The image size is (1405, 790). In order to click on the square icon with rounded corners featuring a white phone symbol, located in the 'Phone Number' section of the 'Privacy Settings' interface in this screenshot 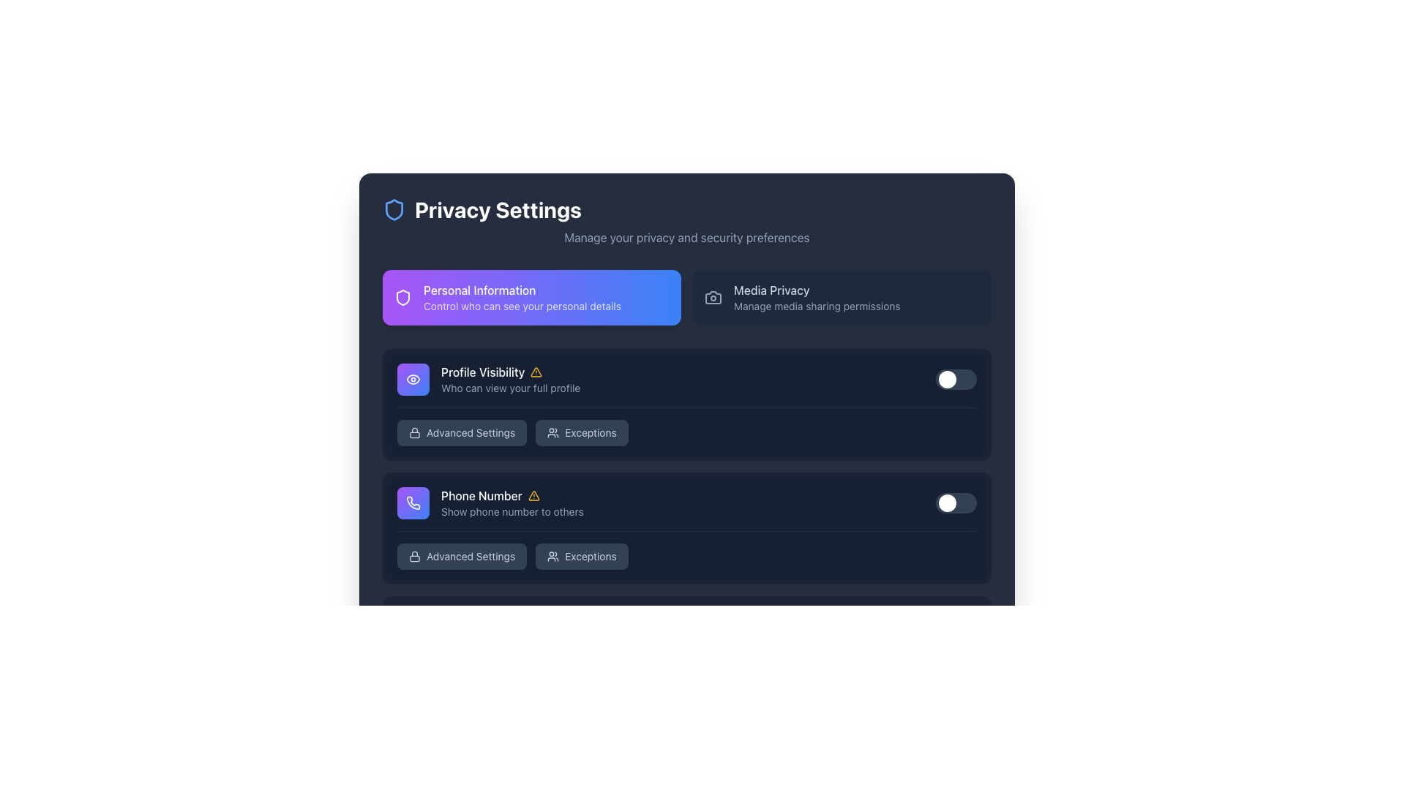, I will do `click(413, 502)`.